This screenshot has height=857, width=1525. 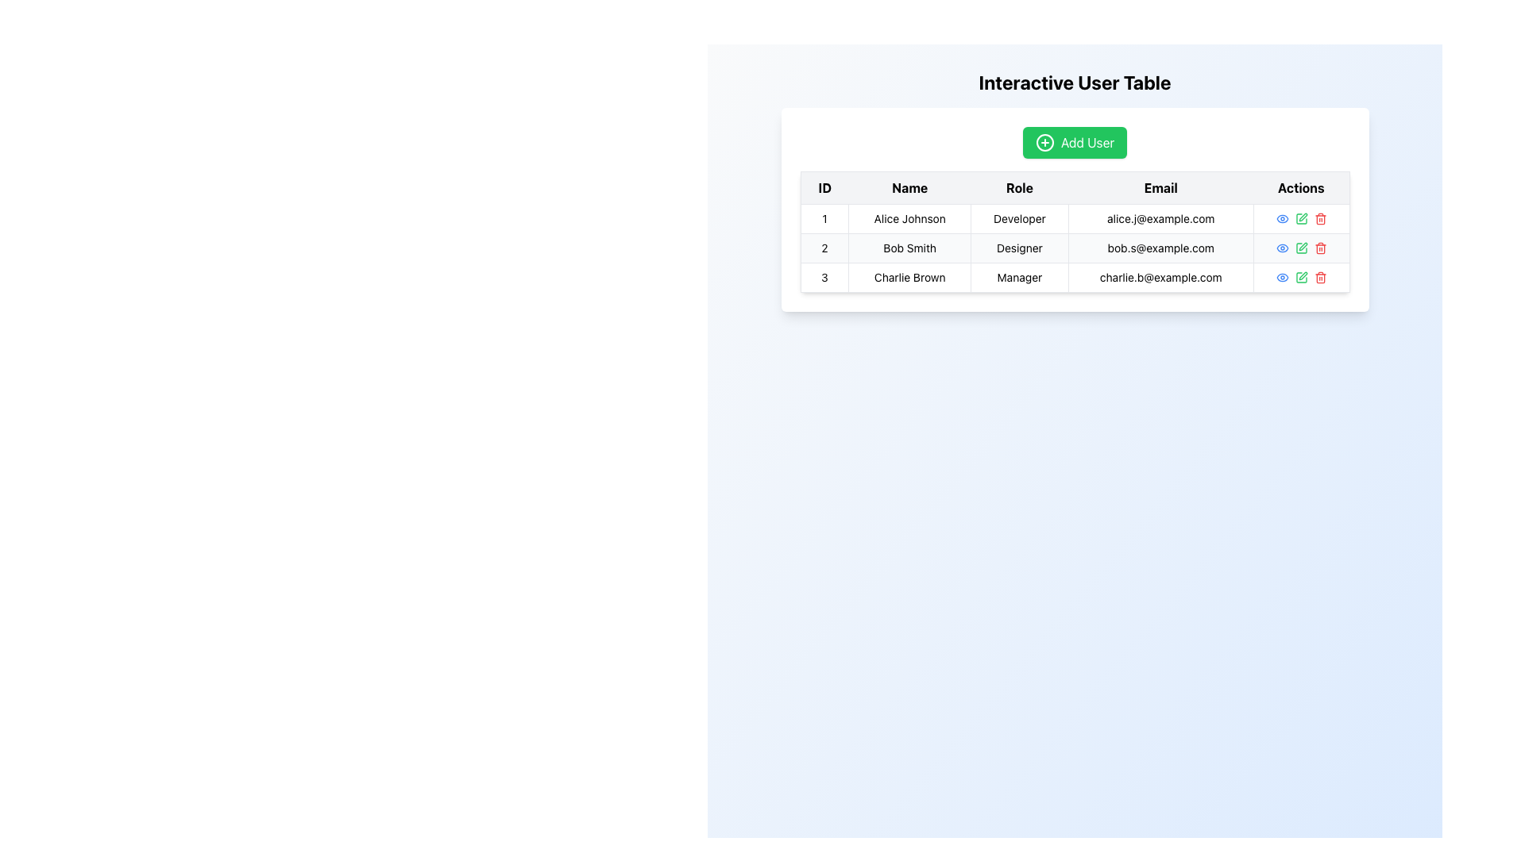 I want to click on the non-interactive text display showing the email address for user 'Charlie Brown' located in the fourth column of the third row of the data table, so click(x=1160, y=277).